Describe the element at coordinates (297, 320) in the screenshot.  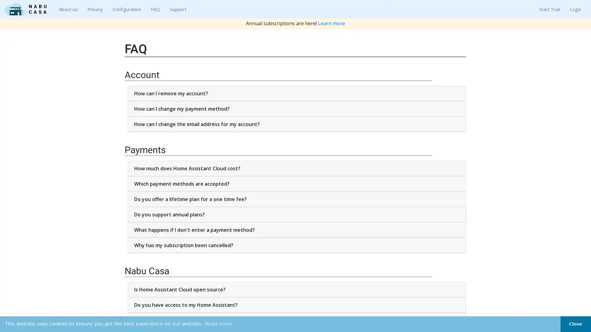
I see `I received an email from Let's Encrypt. Do I need to renew my own certificates?` at that location.